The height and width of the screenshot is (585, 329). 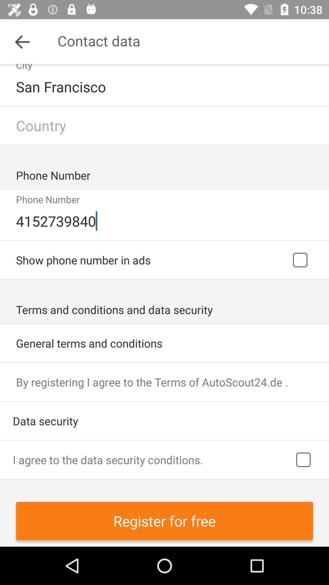 I want to click on san francisco, so click(x=165, y=86).